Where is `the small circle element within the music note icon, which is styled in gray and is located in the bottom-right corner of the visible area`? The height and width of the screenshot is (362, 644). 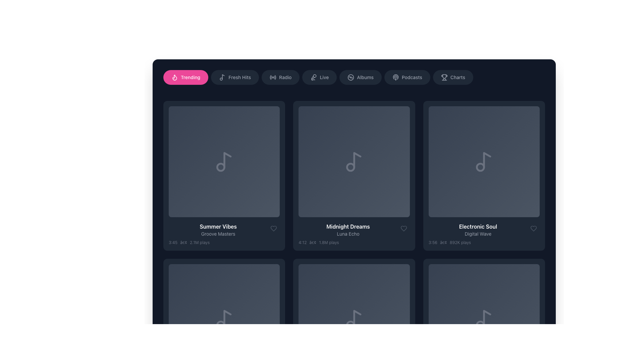 the small circle element within the music note icon, which is styled in gray and is located in the bottom-right corner of the visible area is located at coordinates (480, 325).